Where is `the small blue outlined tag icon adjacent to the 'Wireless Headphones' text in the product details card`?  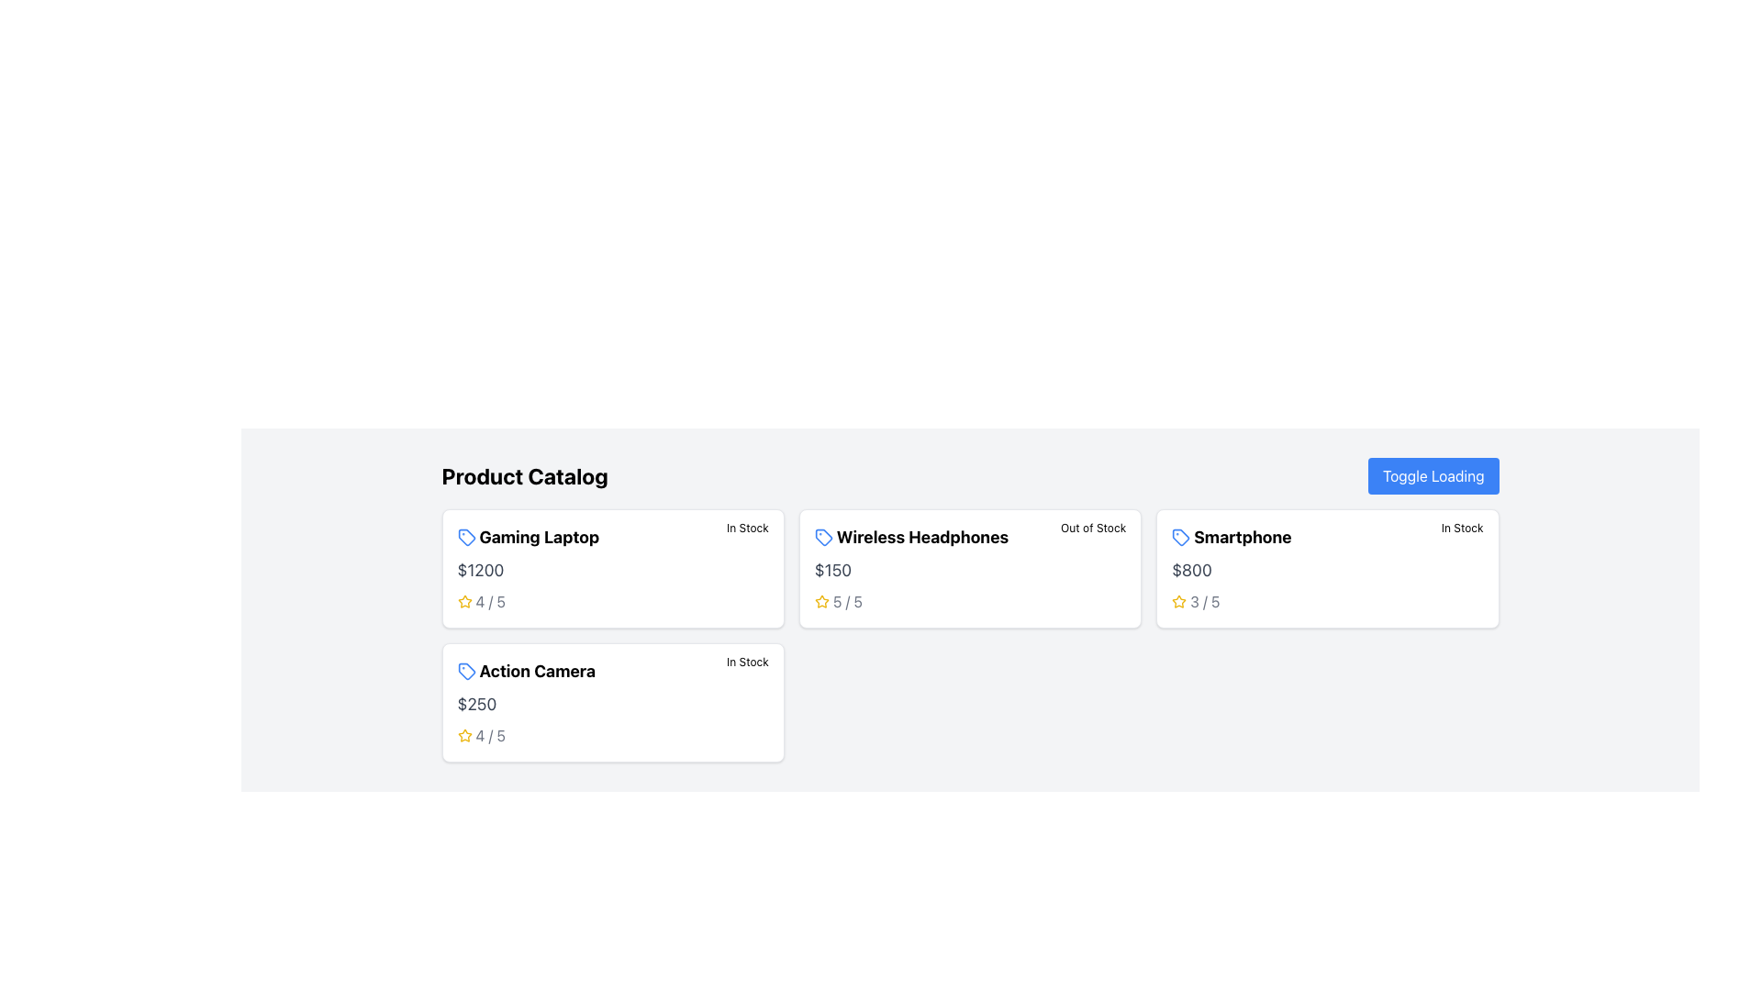 the small blue outlined tag icon adjacent to the 'Wireless Headphones' text in the product details card is located at coordinates (822, 537).